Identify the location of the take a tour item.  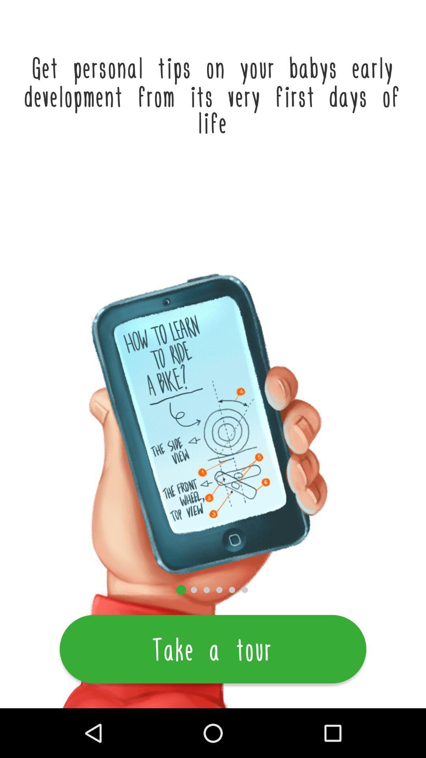
(213, 649).